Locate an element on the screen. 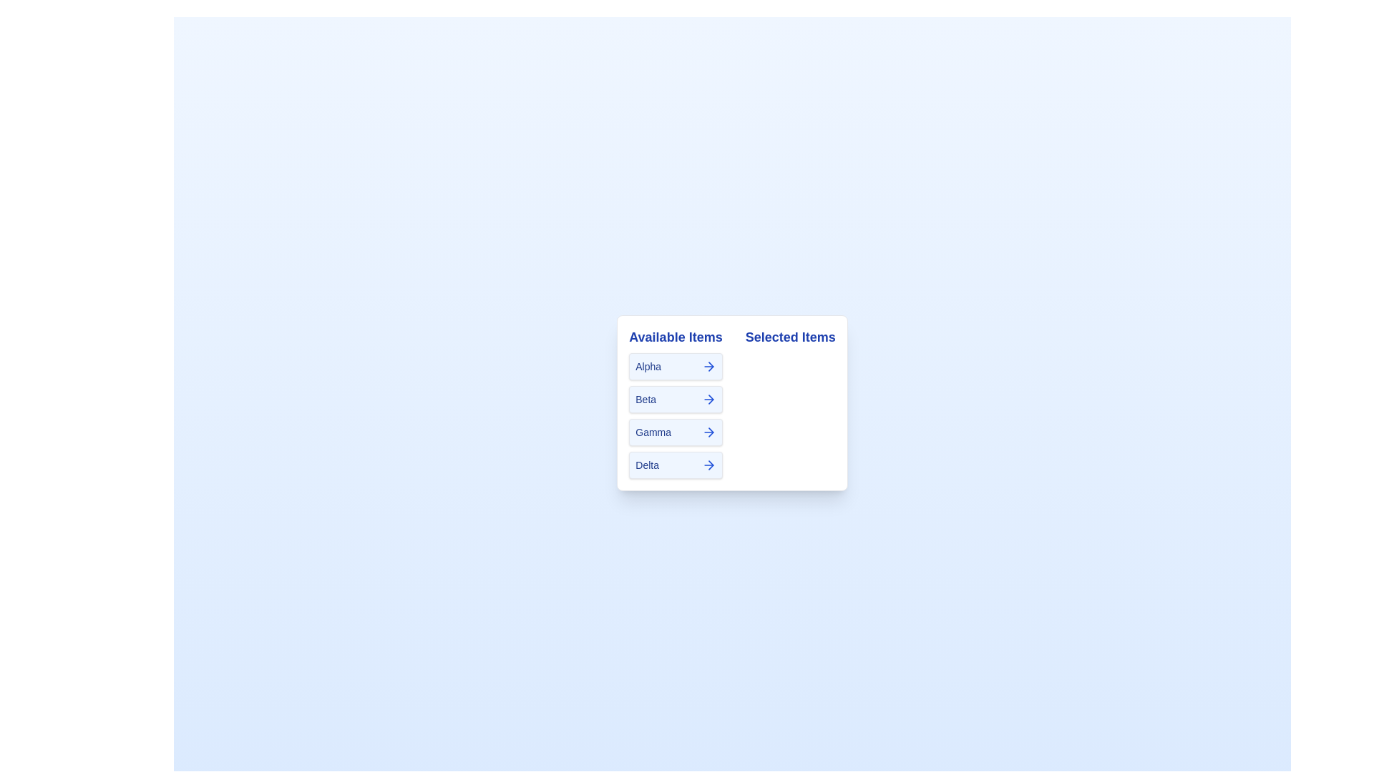  arrow button next to the item Alpha to transfer it to the 'Selected Items' list is located at coordinates (708, 366).